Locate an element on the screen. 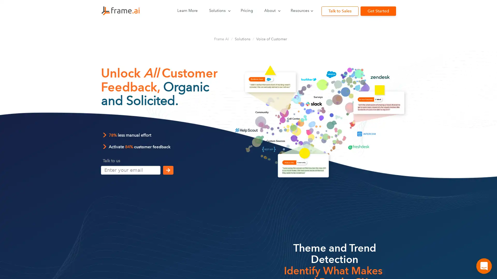 Image resolution: width=497 pixels, height=279 pixels. Open Intercom Messenger is located at coordinates (484, 266).